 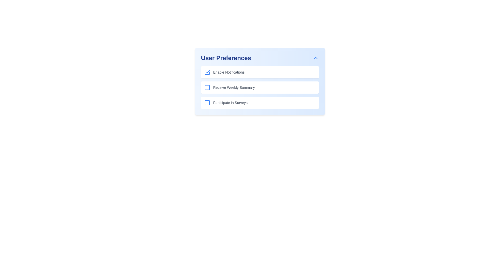 I want to click on the blue square-shaped checkbox at the beginning of the 'Participate in Surveys' option, so click(x=207, y=103).